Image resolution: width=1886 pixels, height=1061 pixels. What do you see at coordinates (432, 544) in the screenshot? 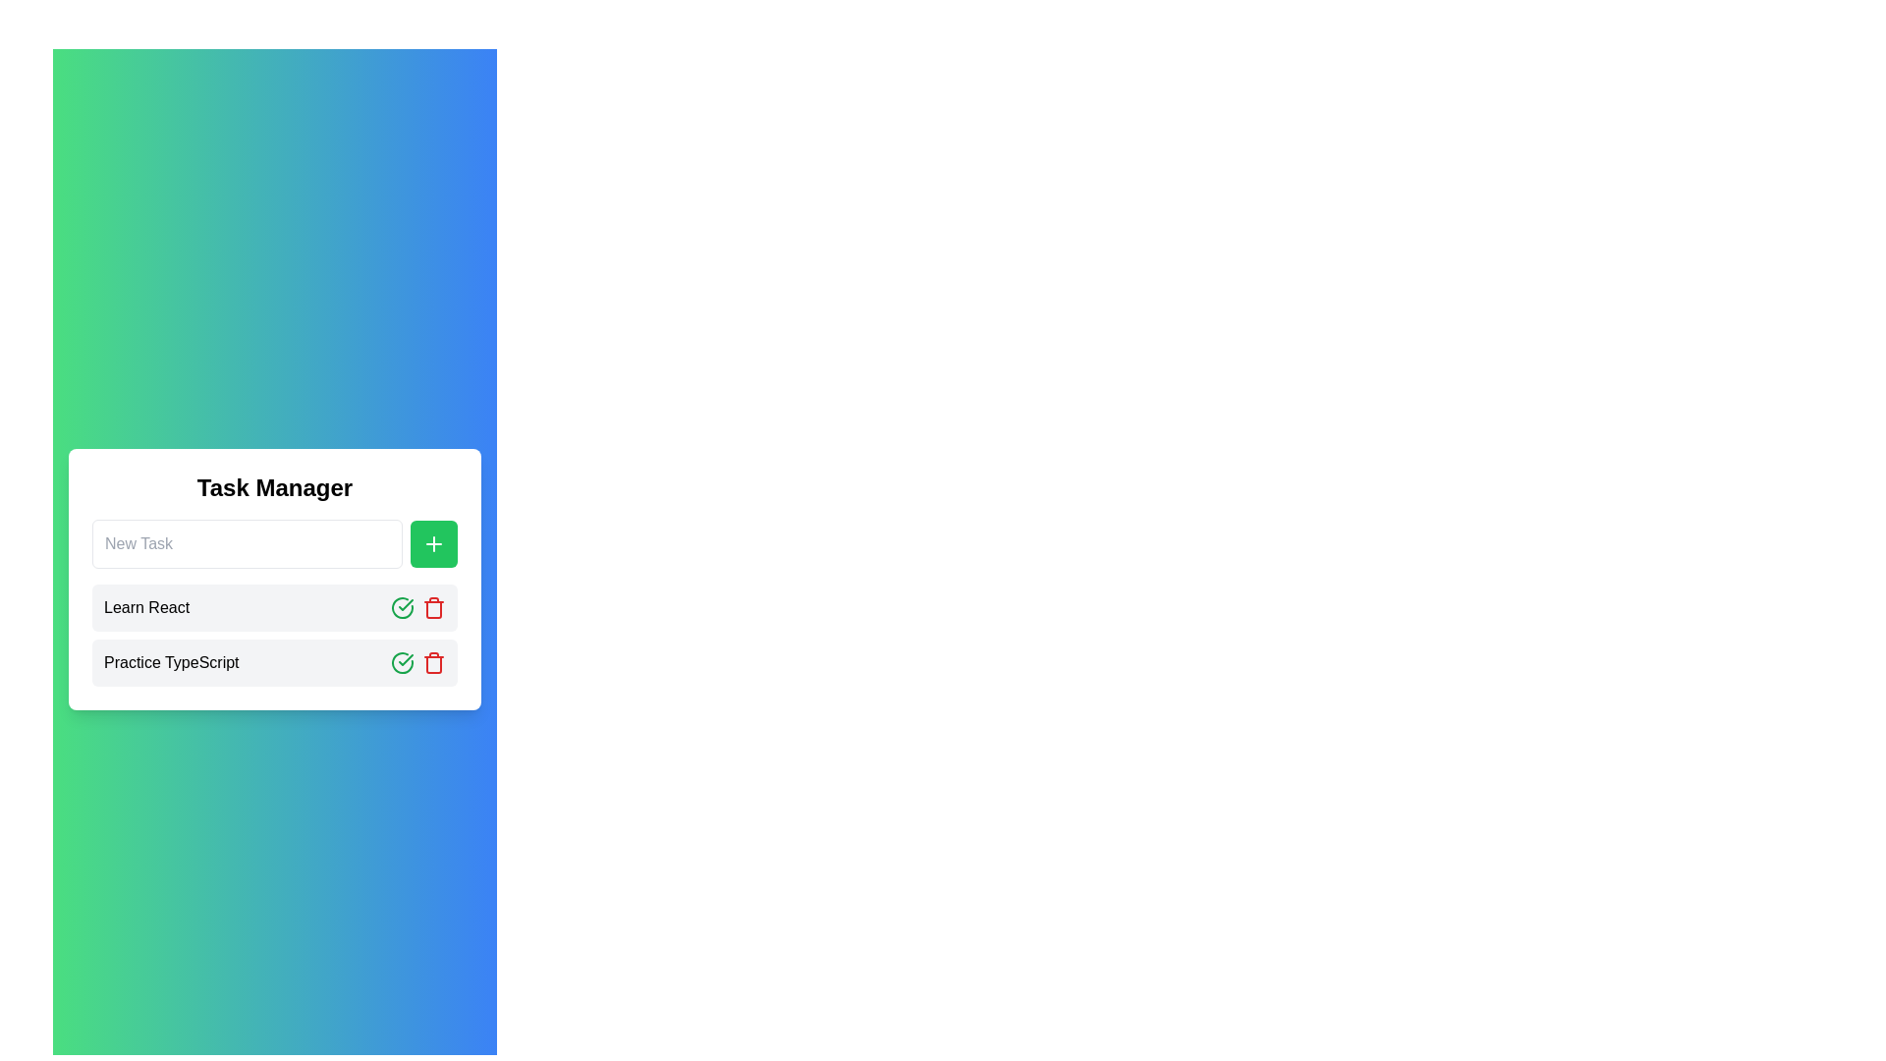
I see `the small circular green button with a white plus icon located at the top-right corner of the task entry form` at bounding box center [432, 544].